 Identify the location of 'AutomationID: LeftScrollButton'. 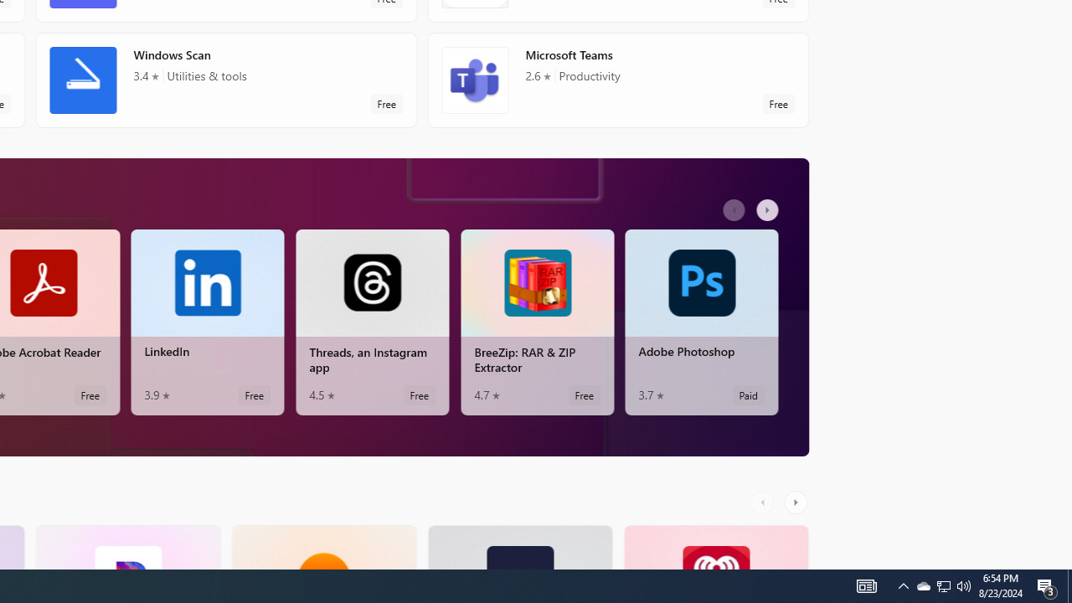
(764, 501).